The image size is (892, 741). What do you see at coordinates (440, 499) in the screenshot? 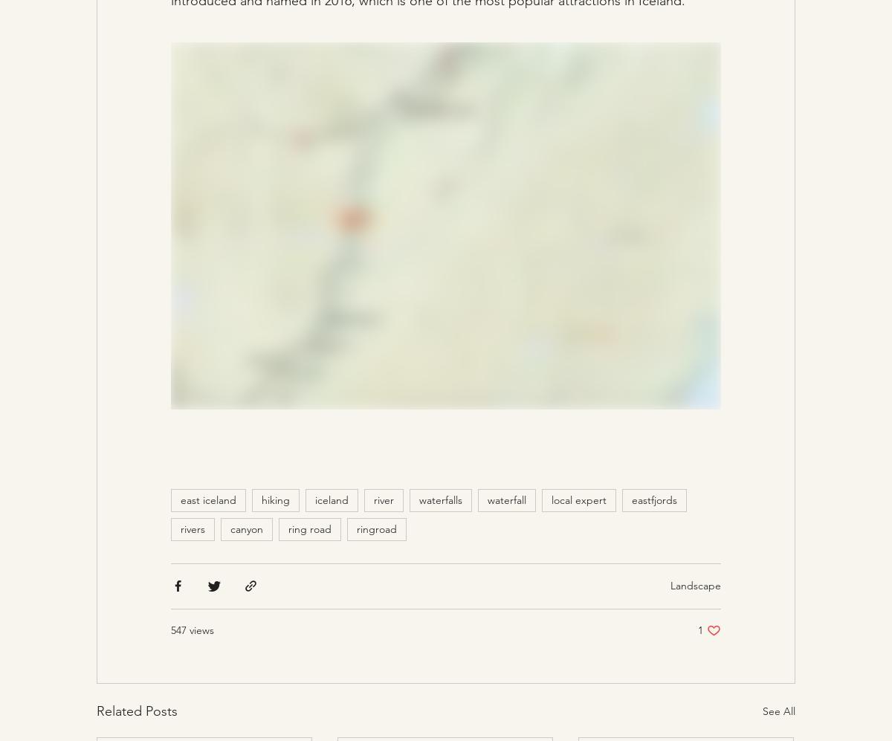
I see `'waterfalls'` at bounding box center [440, 499].